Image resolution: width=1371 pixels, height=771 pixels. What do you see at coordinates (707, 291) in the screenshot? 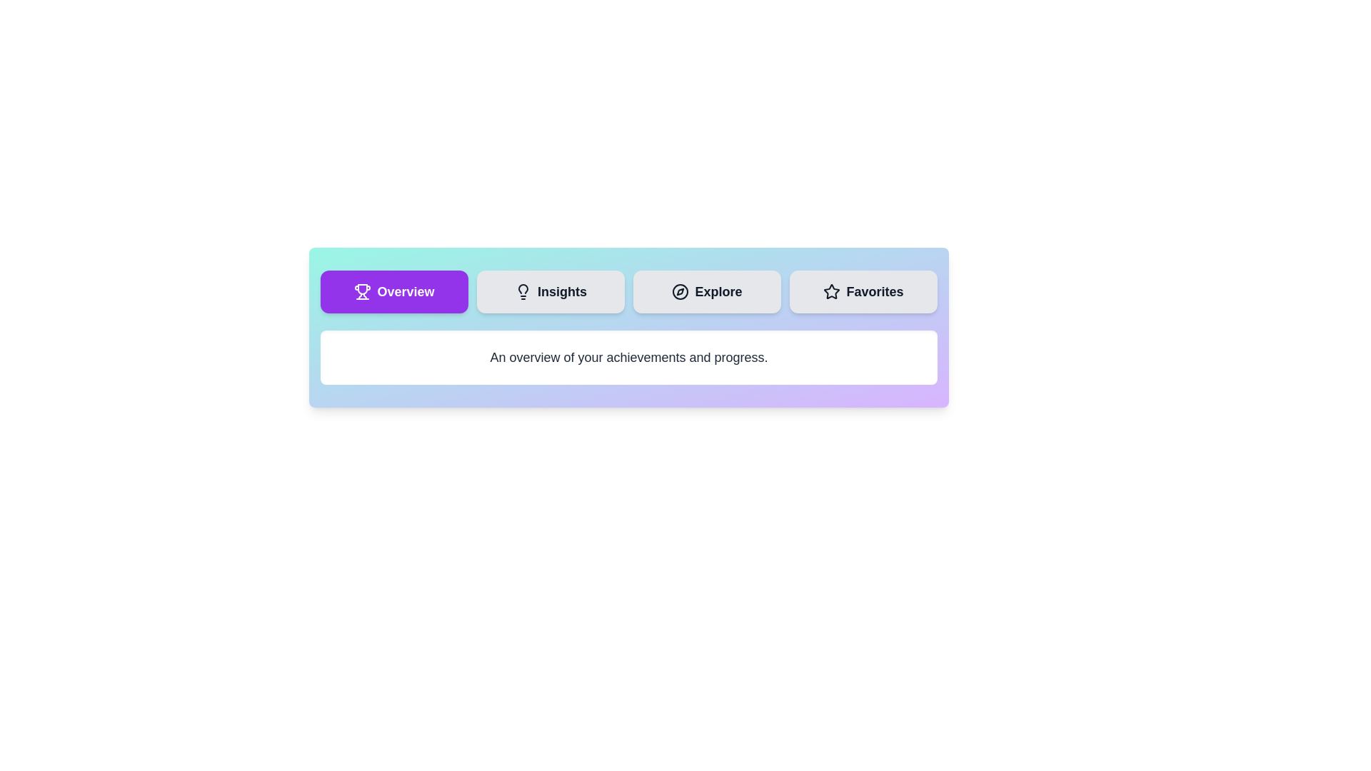
I see `the tab labeled Explore to observe its hover effect` at bounding box center [707, 291].